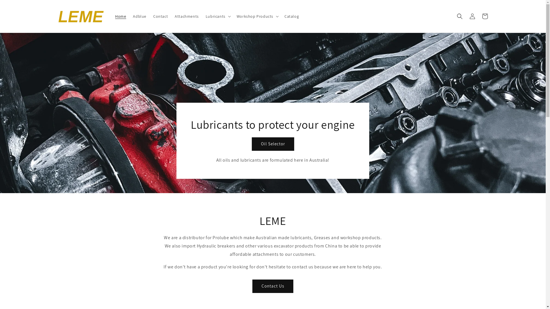 This screenshot has width=550, height=309. Describe the element at coordinates (472, 16) in the screenshot. I see `'Log in'` at that location.